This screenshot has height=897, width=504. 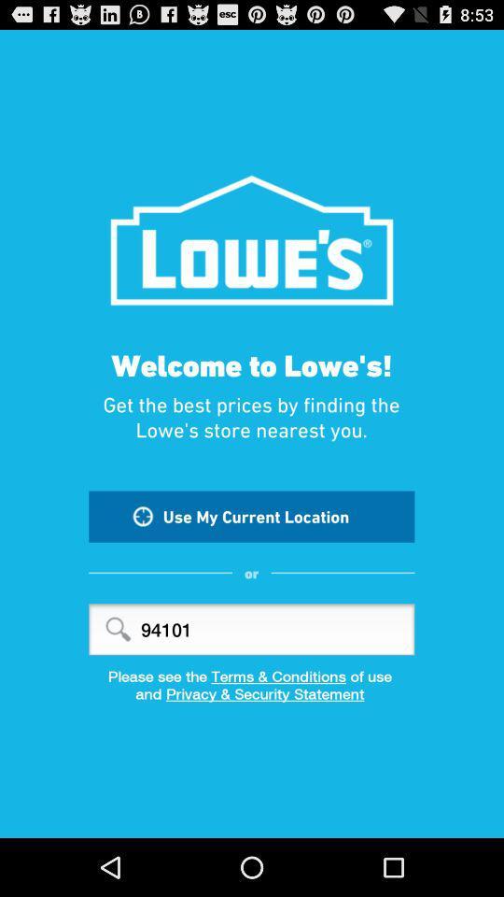 I want to click on use my current item, so click(x=251, y=516).